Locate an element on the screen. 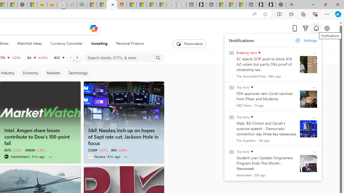 The height and width of the screenshot is (193, 344). 'Microsoft rewards' is located at coordinates (306, 28).